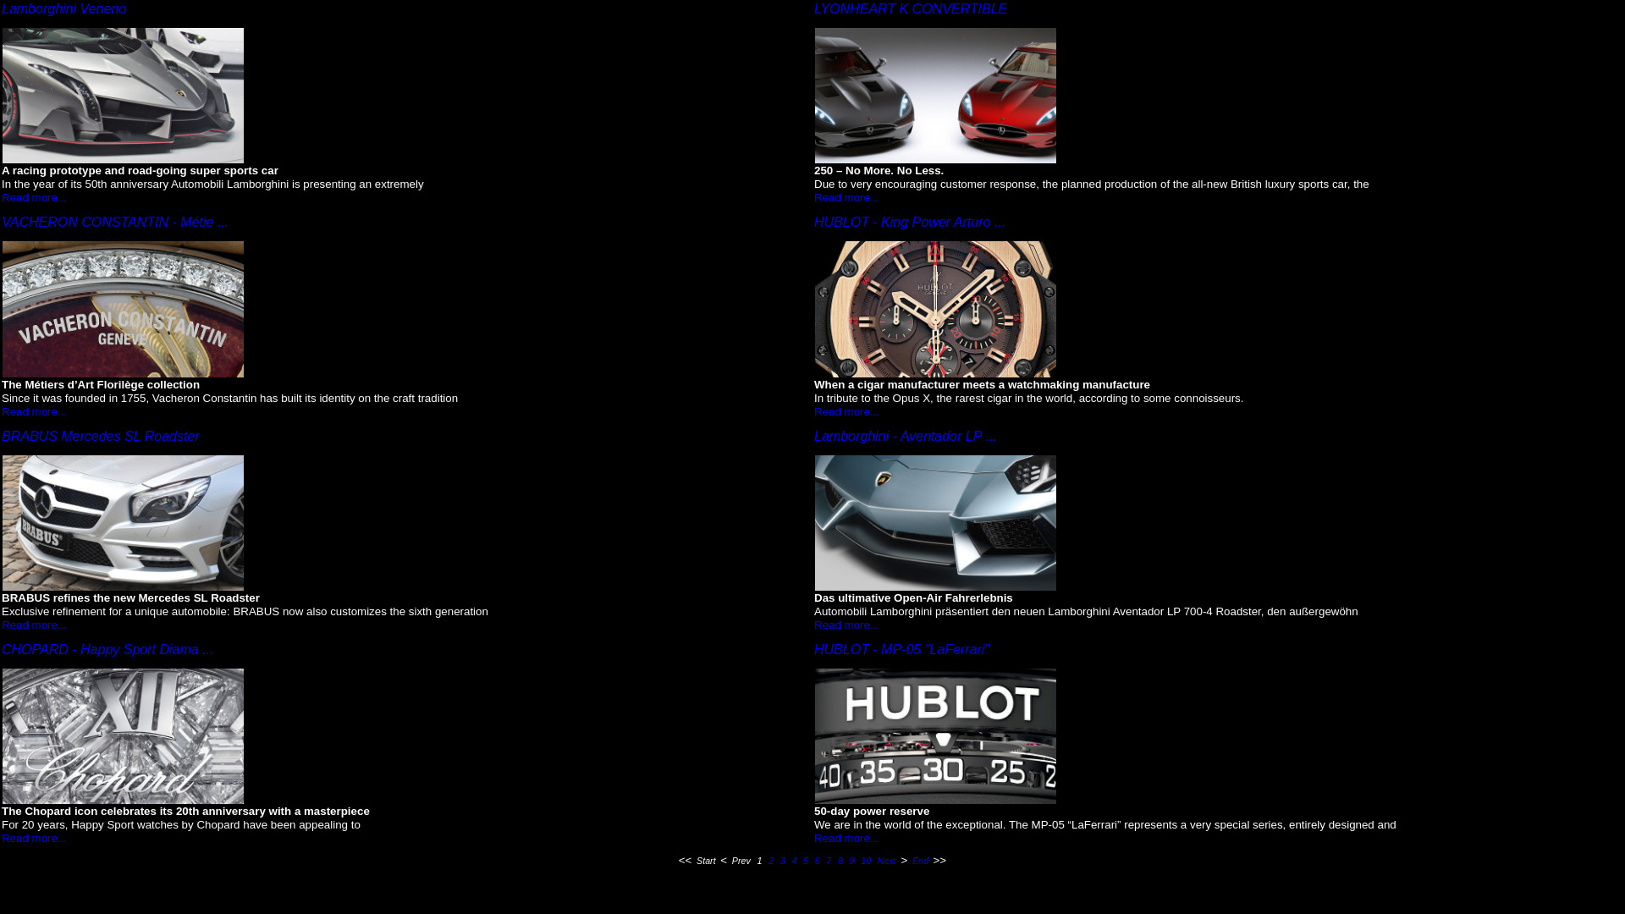 The width and height of the screenshot is (1625, 914). What do you see at coordinates (919, 861) in the screenshot?
I see `'End'` at bounding box center [919, 861].